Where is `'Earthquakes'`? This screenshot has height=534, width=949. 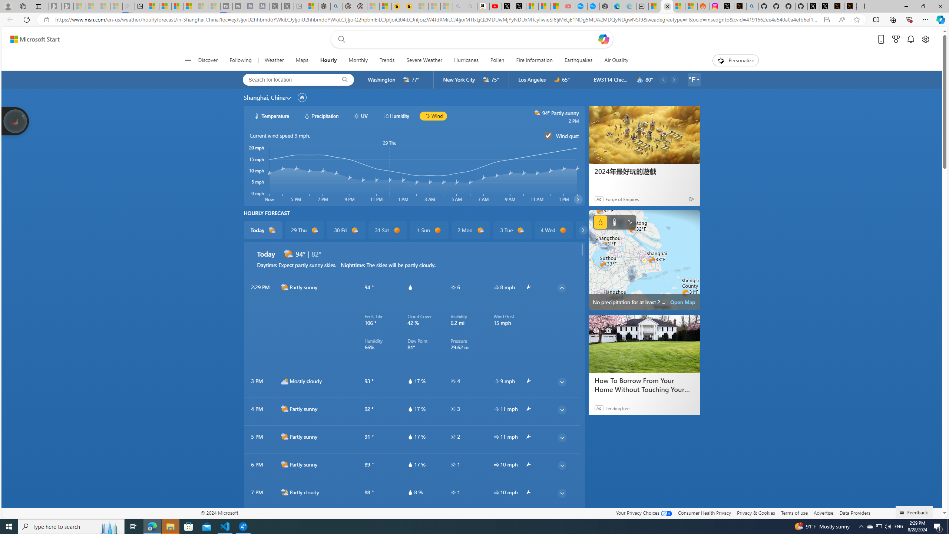
'Earthquakes' is located at coordinates (578, 60).